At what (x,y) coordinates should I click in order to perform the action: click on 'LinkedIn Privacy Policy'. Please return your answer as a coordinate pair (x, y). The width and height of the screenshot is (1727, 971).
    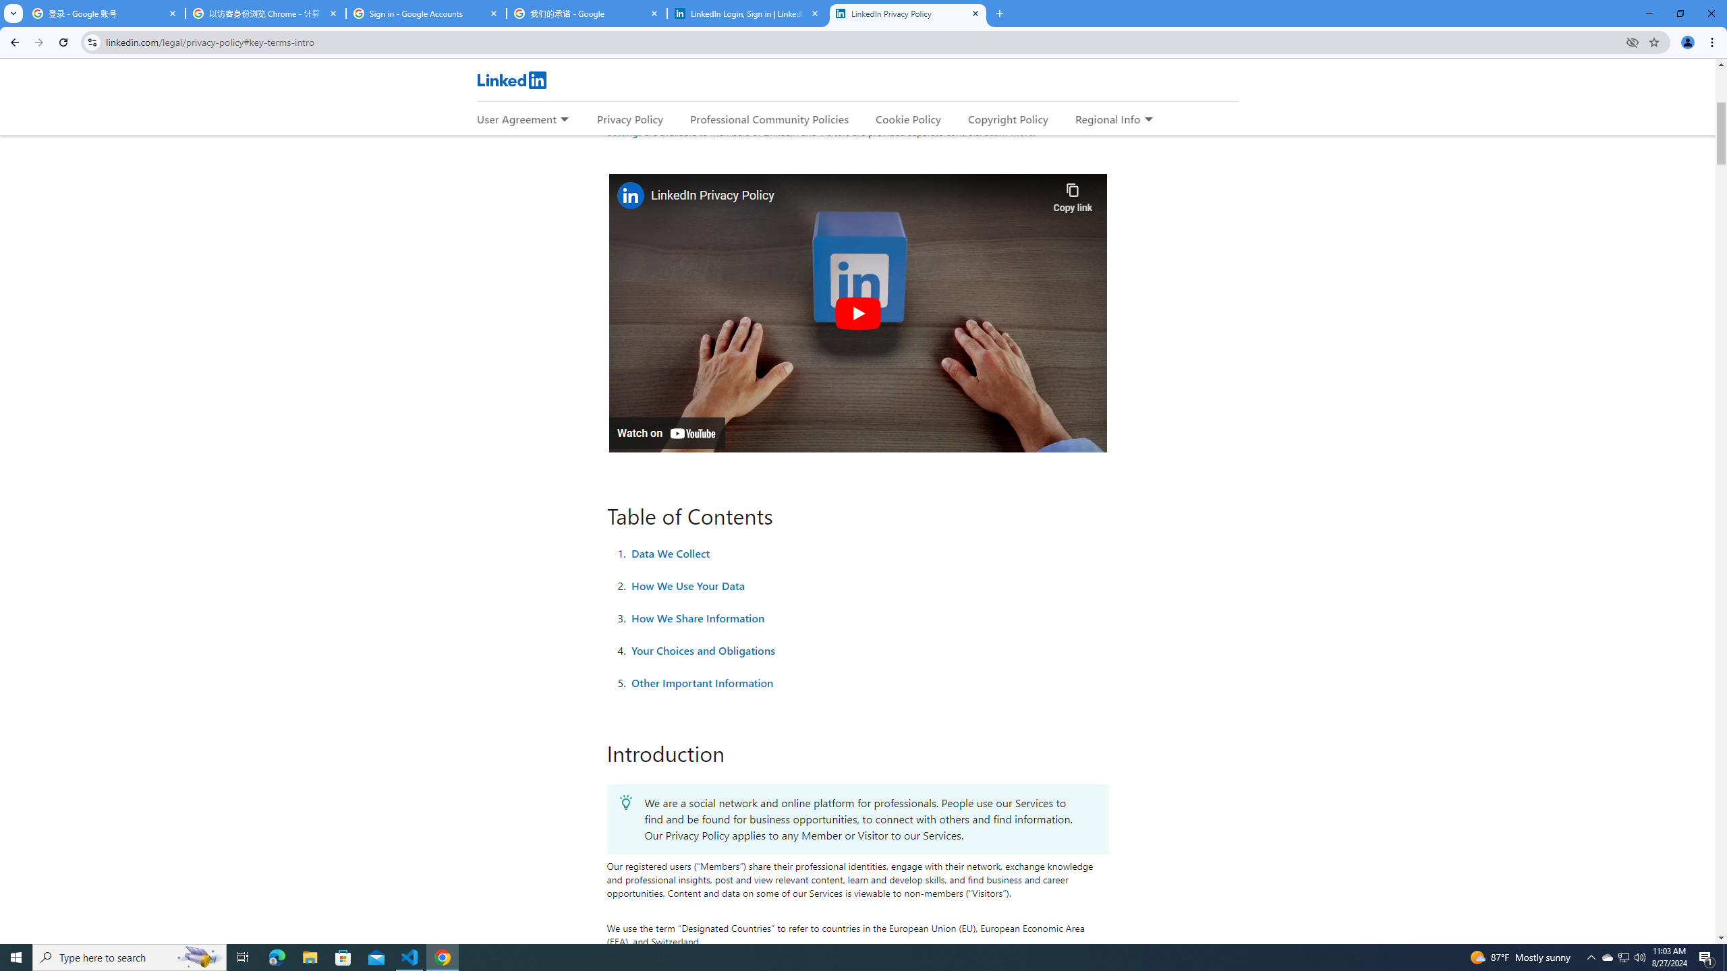
    Looking at the image, I should click on (907, 13).